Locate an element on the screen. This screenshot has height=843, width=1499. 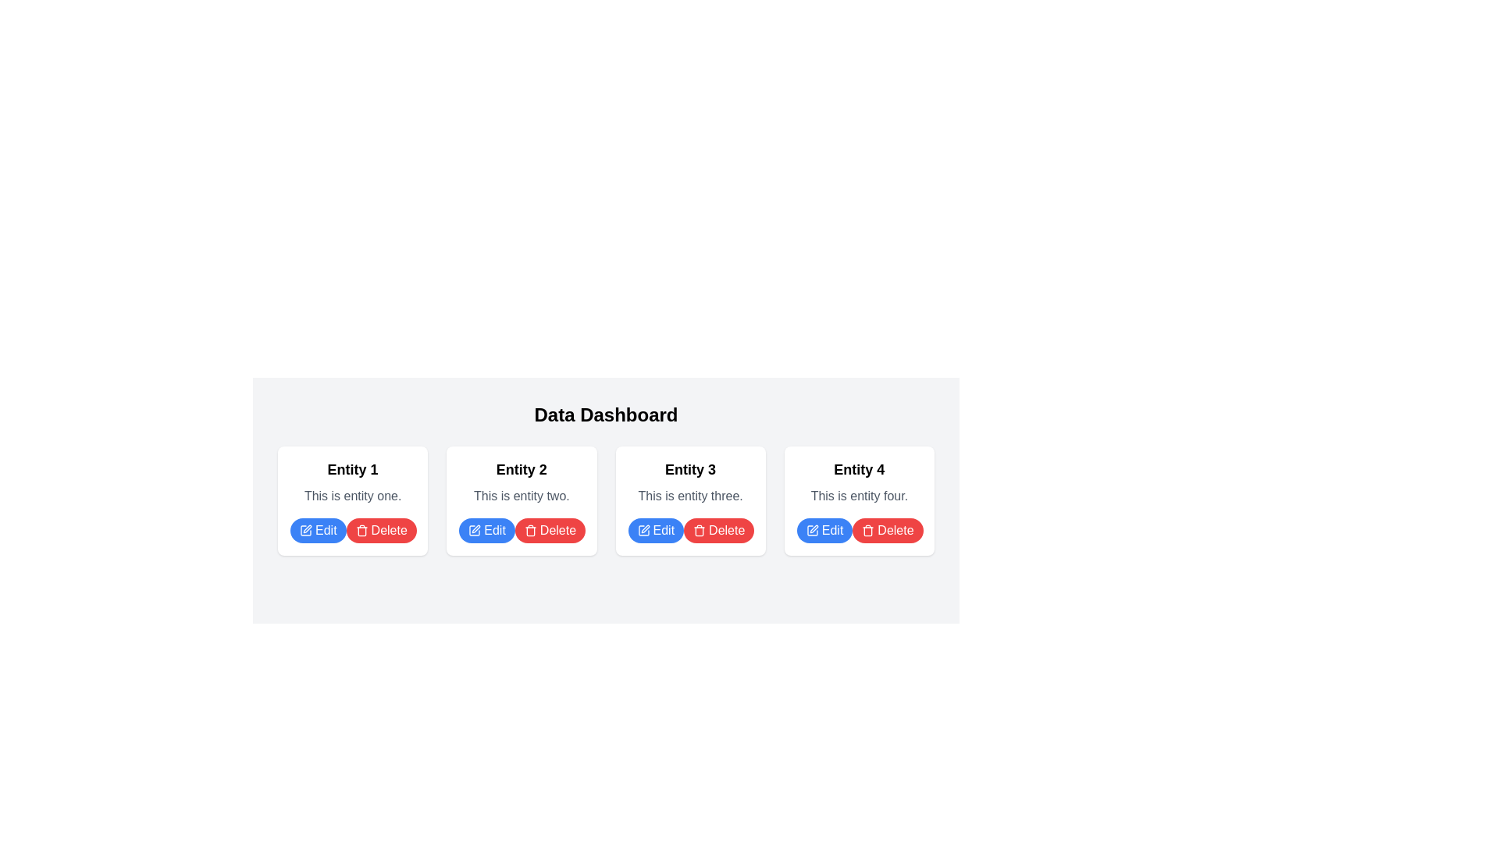
text from the label displaying 'Entity 4' and 'This is entity four.' located at the top center of the fourth card in the 'Data Dashboard' section is located at coordinates (858, 481).